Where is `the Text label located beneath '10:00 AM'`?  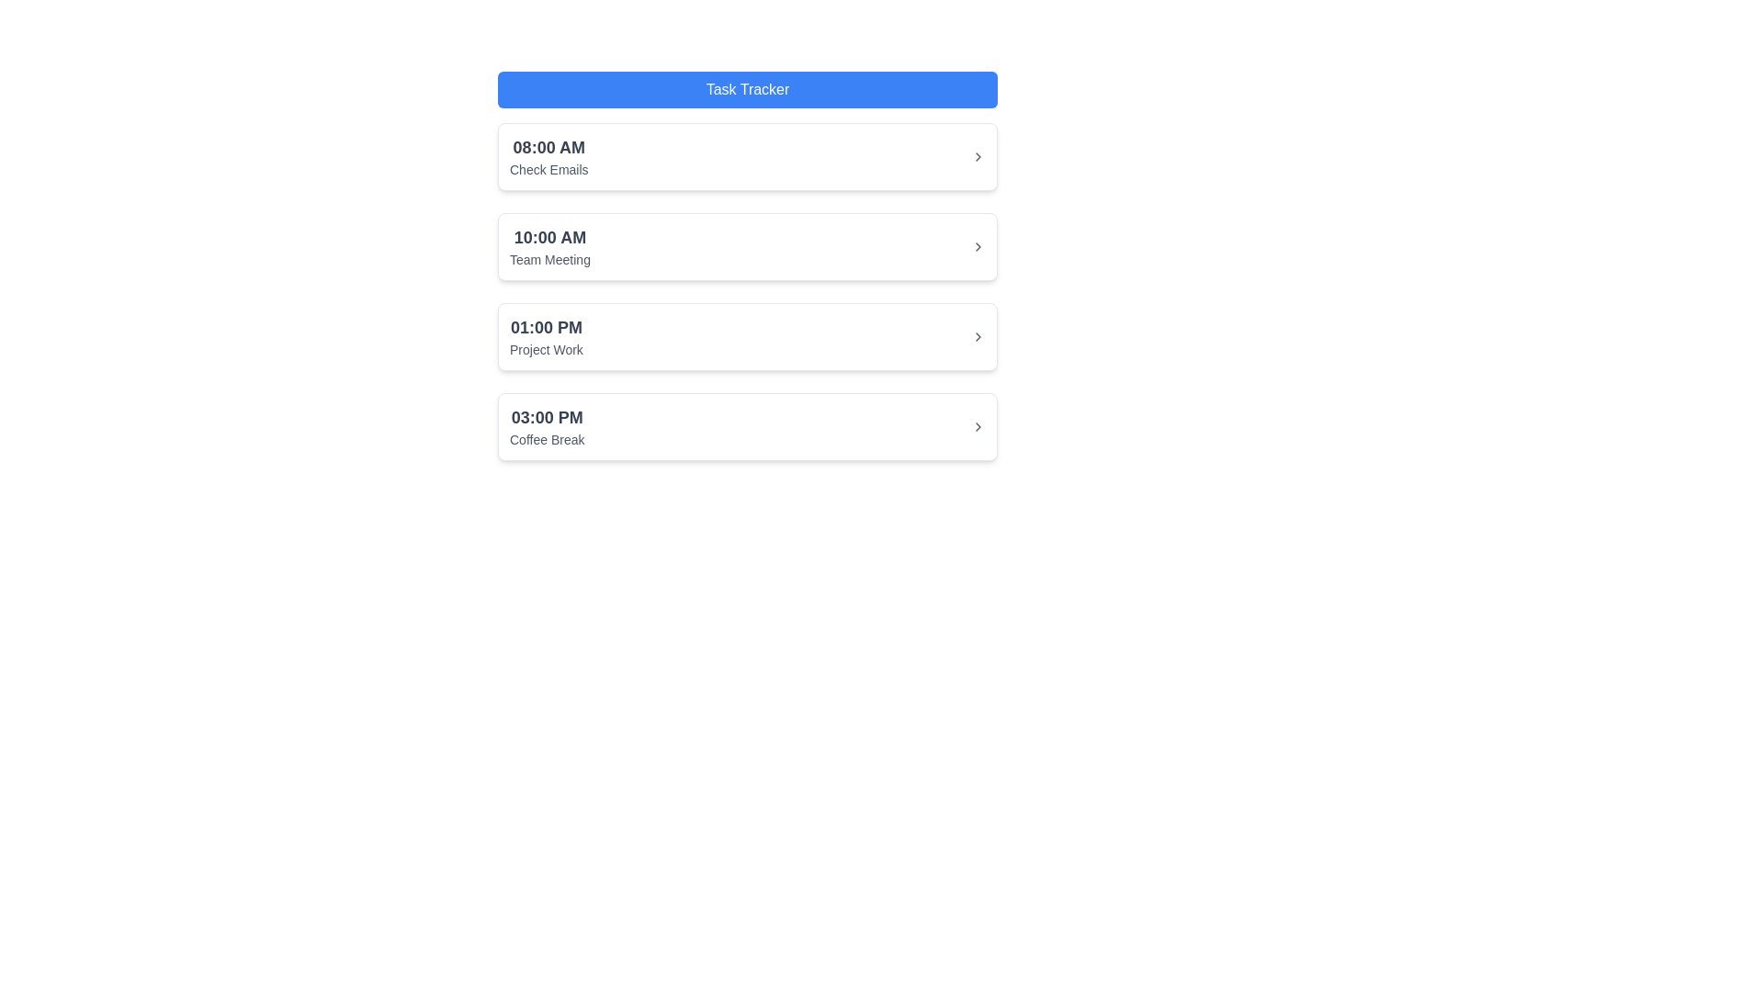 the Text label located beneath '10:00 AM' is located at coordinates (549, 259).